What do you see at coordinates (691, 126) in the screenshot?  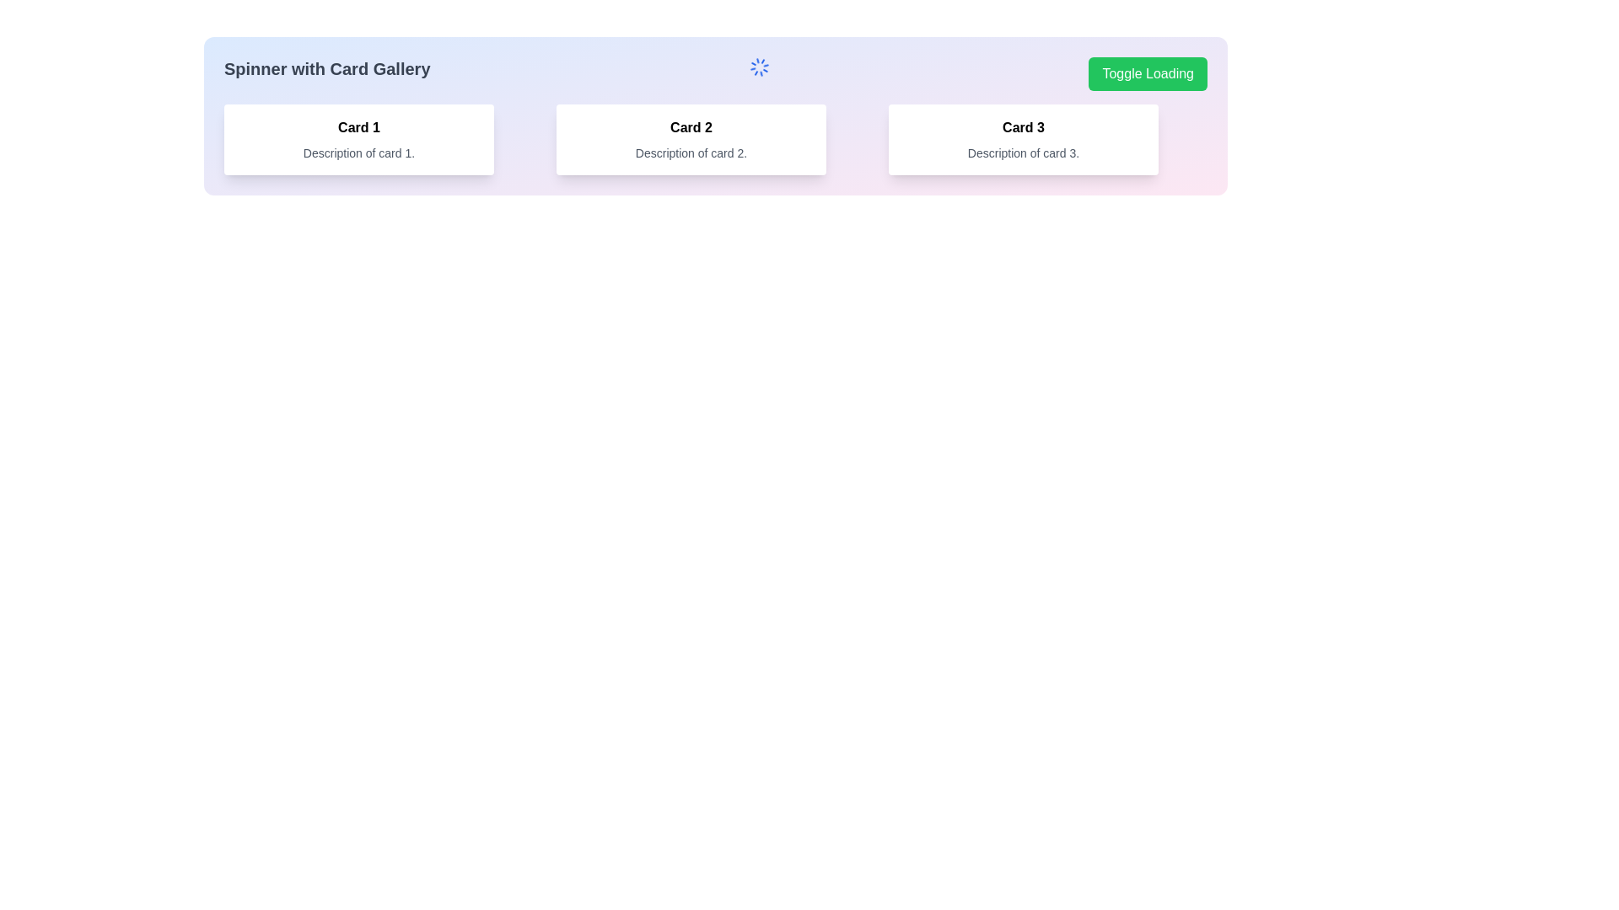 I see `the text element displaying 'Card 2' in bold styling, located at the center of the card gallery` at bounding box center [691, 126].